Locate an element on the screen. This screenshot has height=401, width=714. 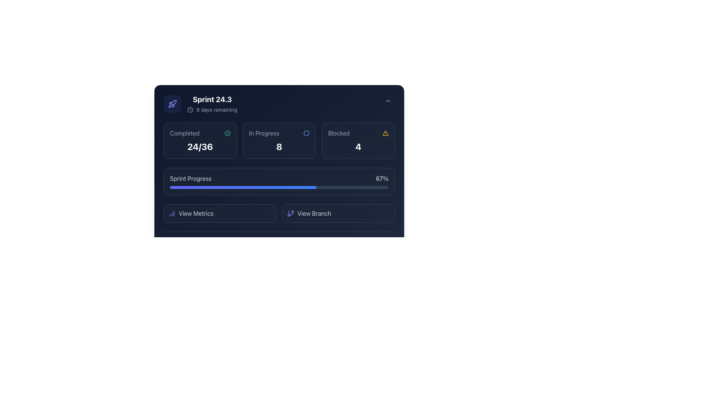
the text label displaying '67%' which indicates the current sprint progress, located to the right of the progress bar and aligned with the label 'Sprint Progress' is located at coordinates (382, 179).